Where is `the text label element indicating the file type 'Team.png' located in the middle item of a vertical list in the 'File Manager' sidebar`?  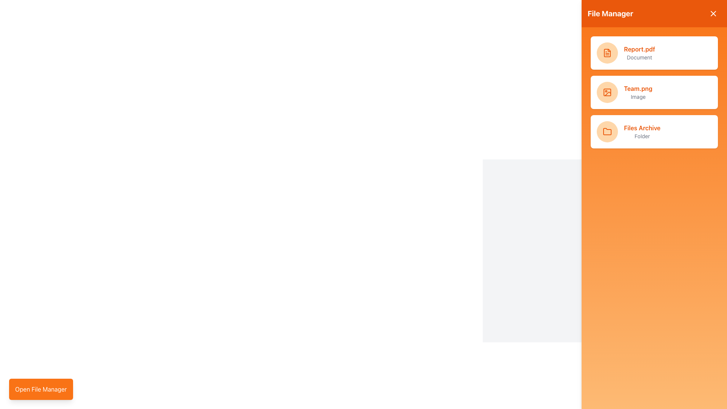 the text label element indicating the file type 'Team.png' located in the middle item of a vertical list in the 'File Manager' sidebar is located at coordinates (638, 96).